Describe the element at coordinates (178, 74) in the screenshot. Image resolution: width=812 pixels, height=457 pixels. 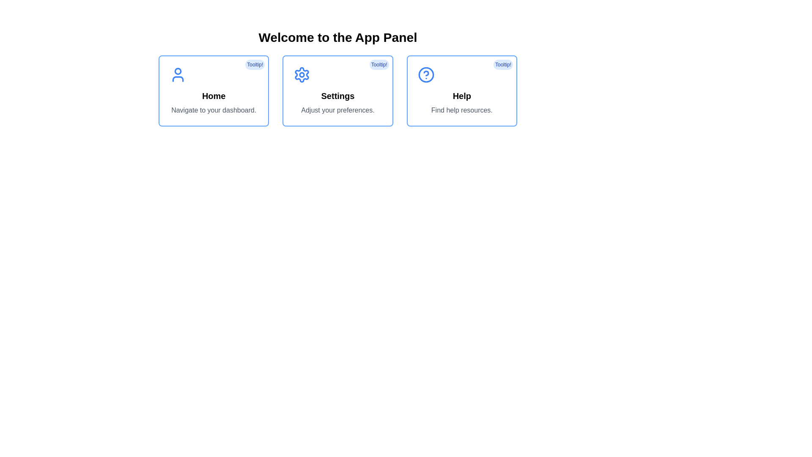
I see `the user icon represented as an outlined drawing of a head and shoulders, which is styled with rounded lines and is located within the 'Home' card` at that location.